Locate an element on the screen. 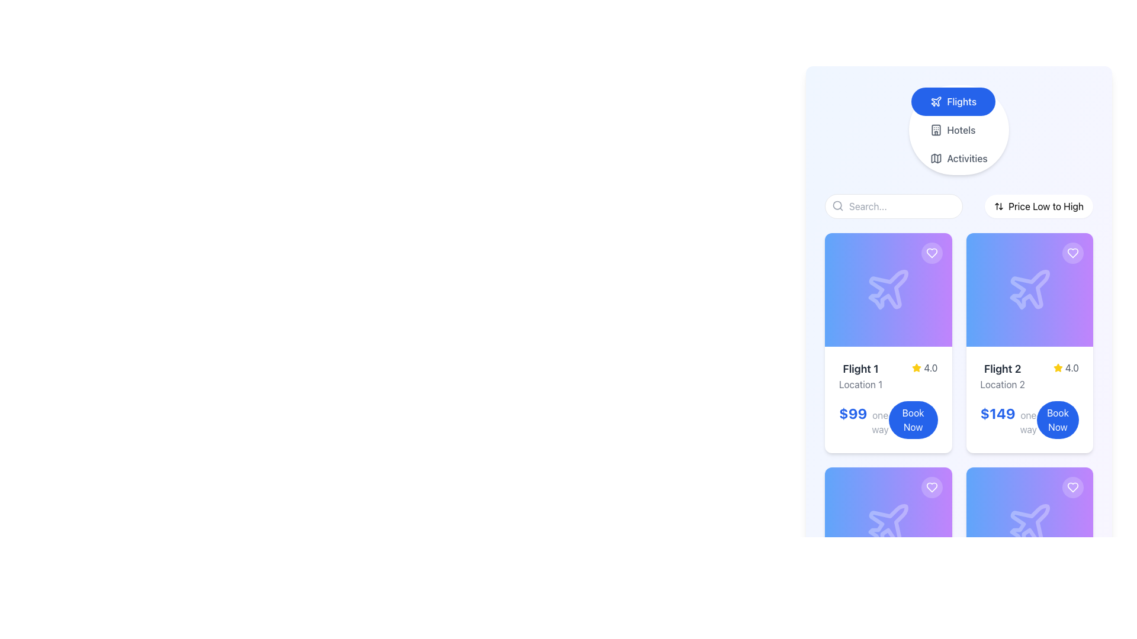 This screenshot has width=1137, height=639. the blue rounded button labeled 'Flights' with a plane icon is located at coordinates (953, 101).